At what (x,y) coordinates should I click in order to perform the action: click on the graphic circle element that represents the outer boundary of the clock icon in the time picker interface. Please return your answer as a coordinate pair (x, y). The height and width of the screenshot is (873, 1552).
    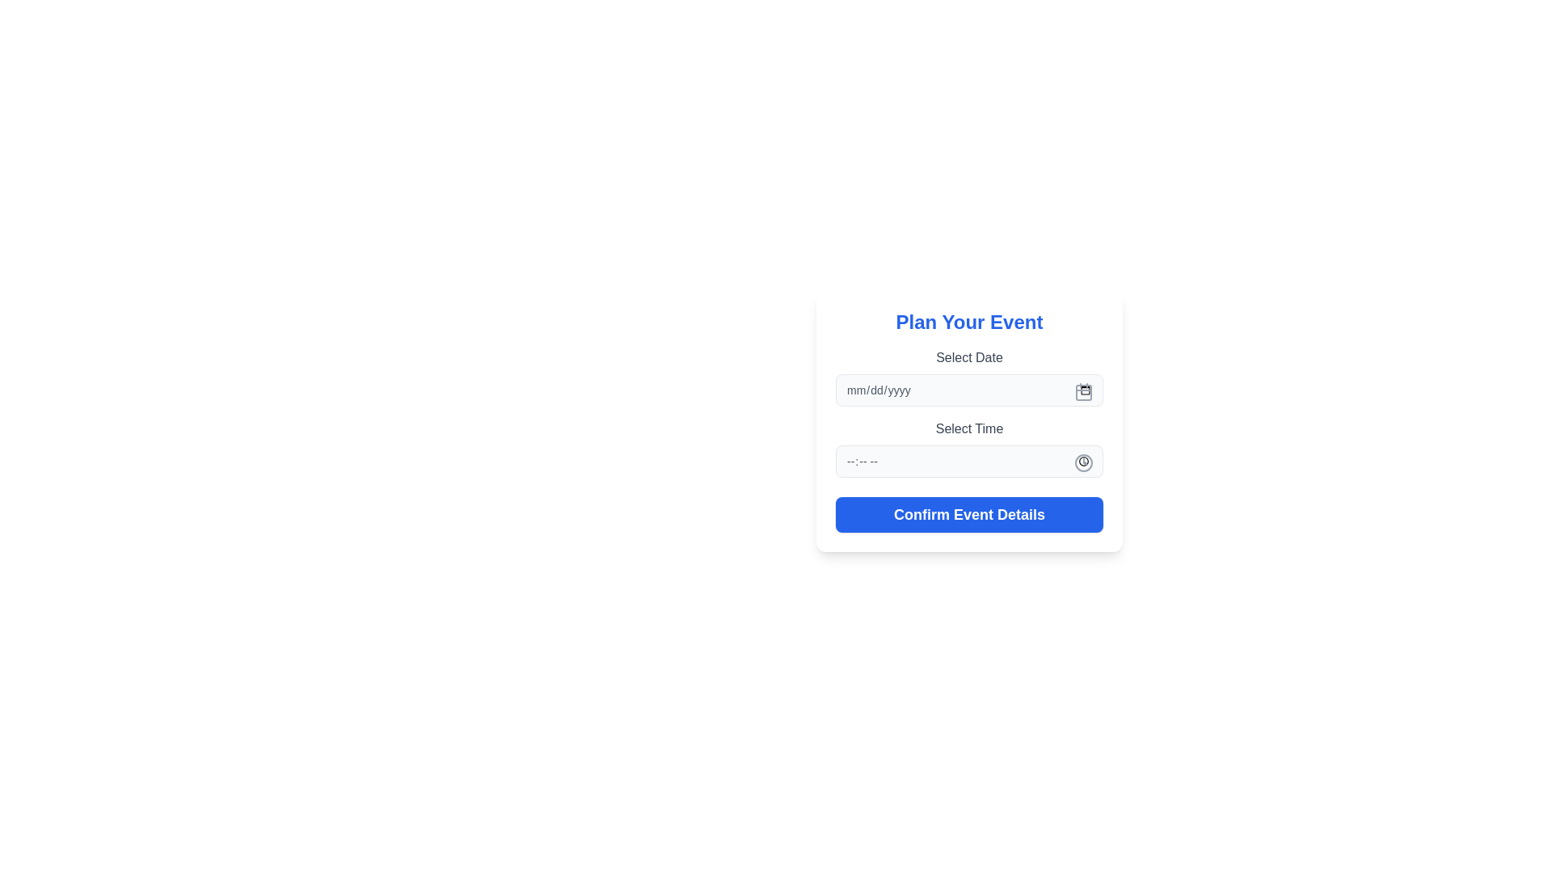
    Looking at the image, I should click on (1083, 463).